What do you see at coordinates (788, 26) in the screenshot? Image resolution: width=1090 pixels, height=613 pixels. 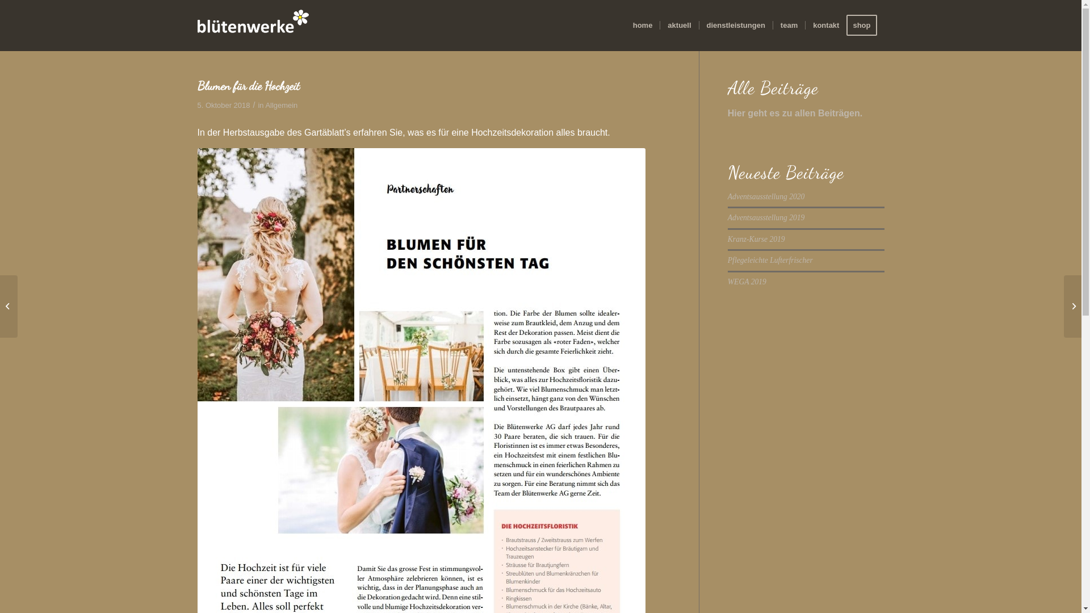 I see `'team'` at bounding box center [788, 26].